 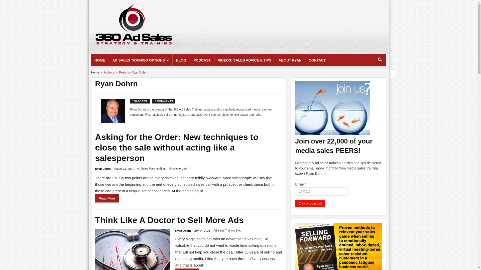 I want to click on 'Click to Join Us!', so click(x=310, y=203).